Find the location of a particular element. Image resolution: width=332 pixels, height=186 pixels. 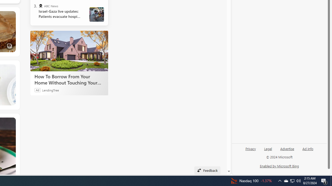

'LendingTree' is located at coordinates (51, 90).